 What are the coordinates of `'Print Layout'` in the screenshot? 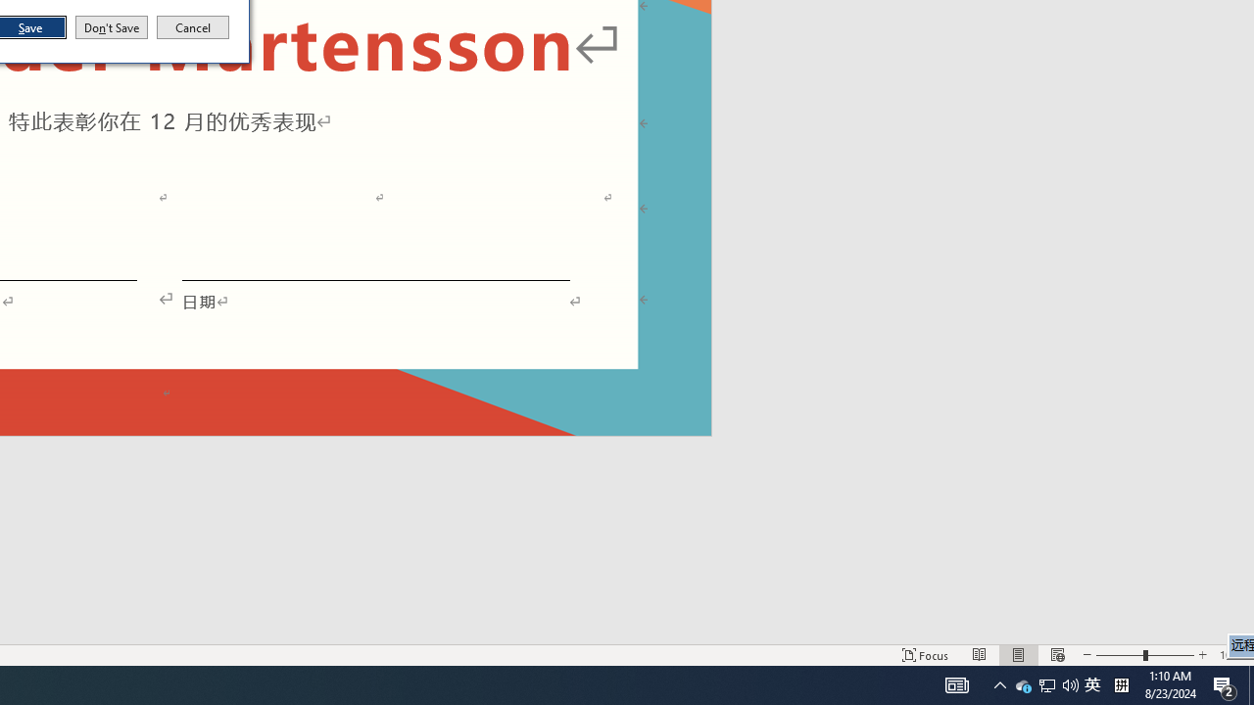 It's located at (1019, 655).